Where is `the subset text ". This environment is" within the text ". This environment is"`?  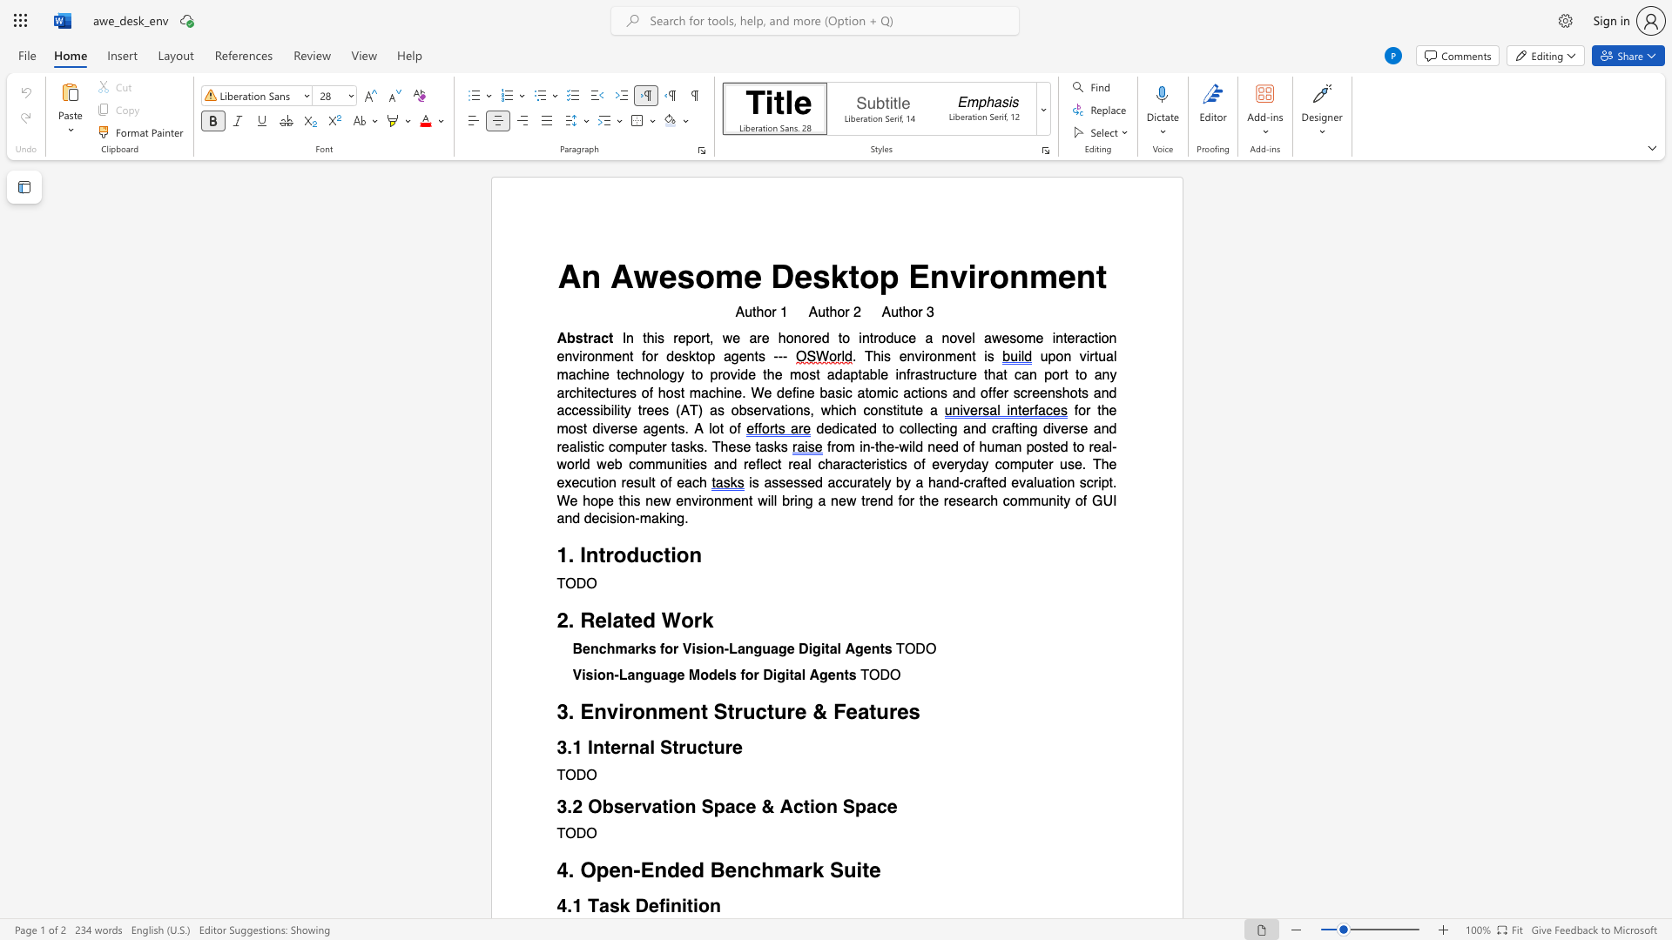
the subset text ". This environment is" within the text ". This environment is" is located at coordinates (852, 356).